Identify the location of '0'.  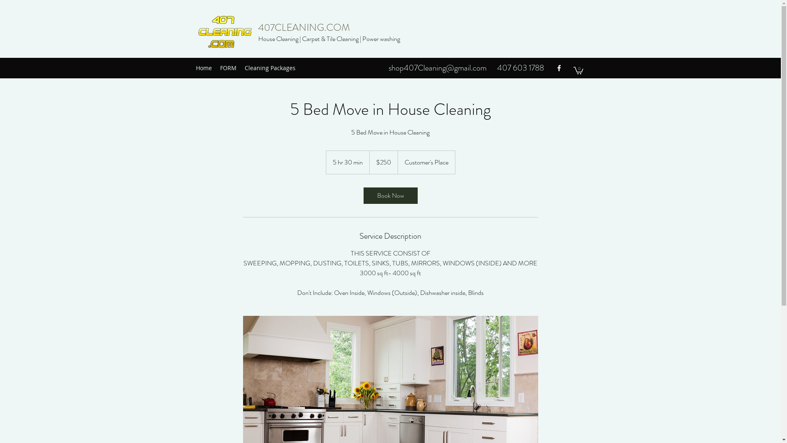
(578, 69).